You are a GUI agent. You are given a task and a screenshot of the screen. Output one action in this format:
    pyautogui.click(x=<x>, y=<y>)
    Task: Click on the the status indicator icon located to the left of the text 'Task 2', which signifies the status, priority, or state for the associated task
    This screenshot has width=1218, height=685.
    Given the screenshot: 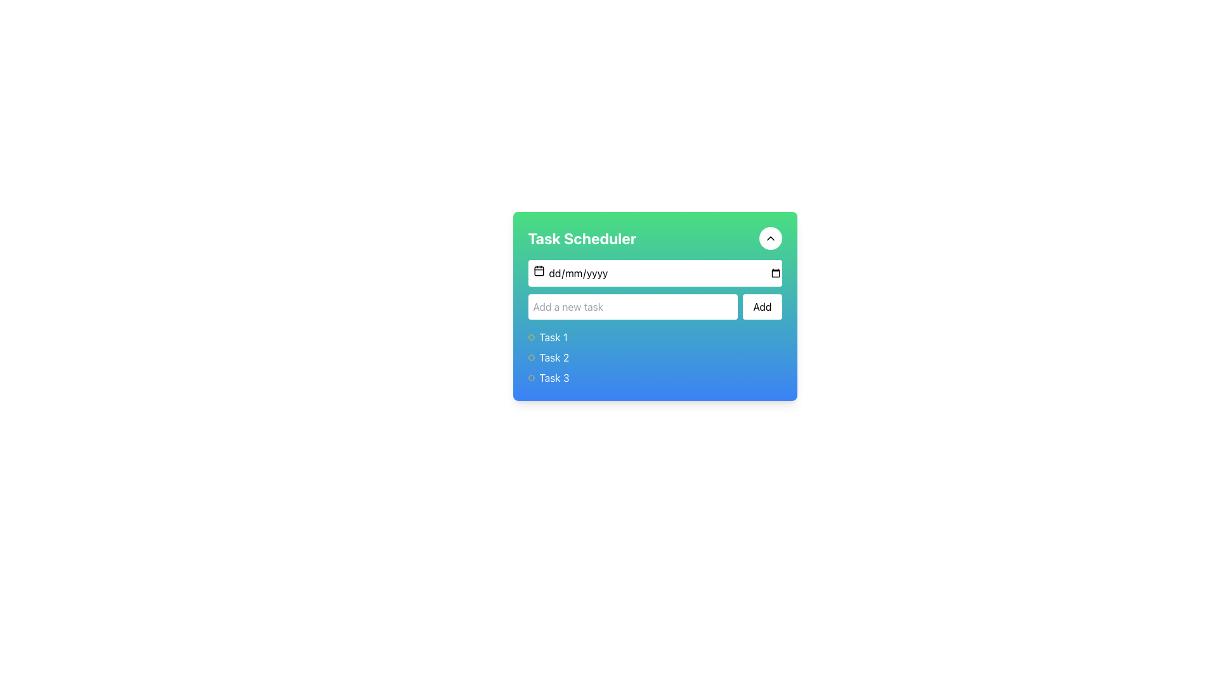 What is the action you would take?
    pyautogui.click(x=531, y=357)
    